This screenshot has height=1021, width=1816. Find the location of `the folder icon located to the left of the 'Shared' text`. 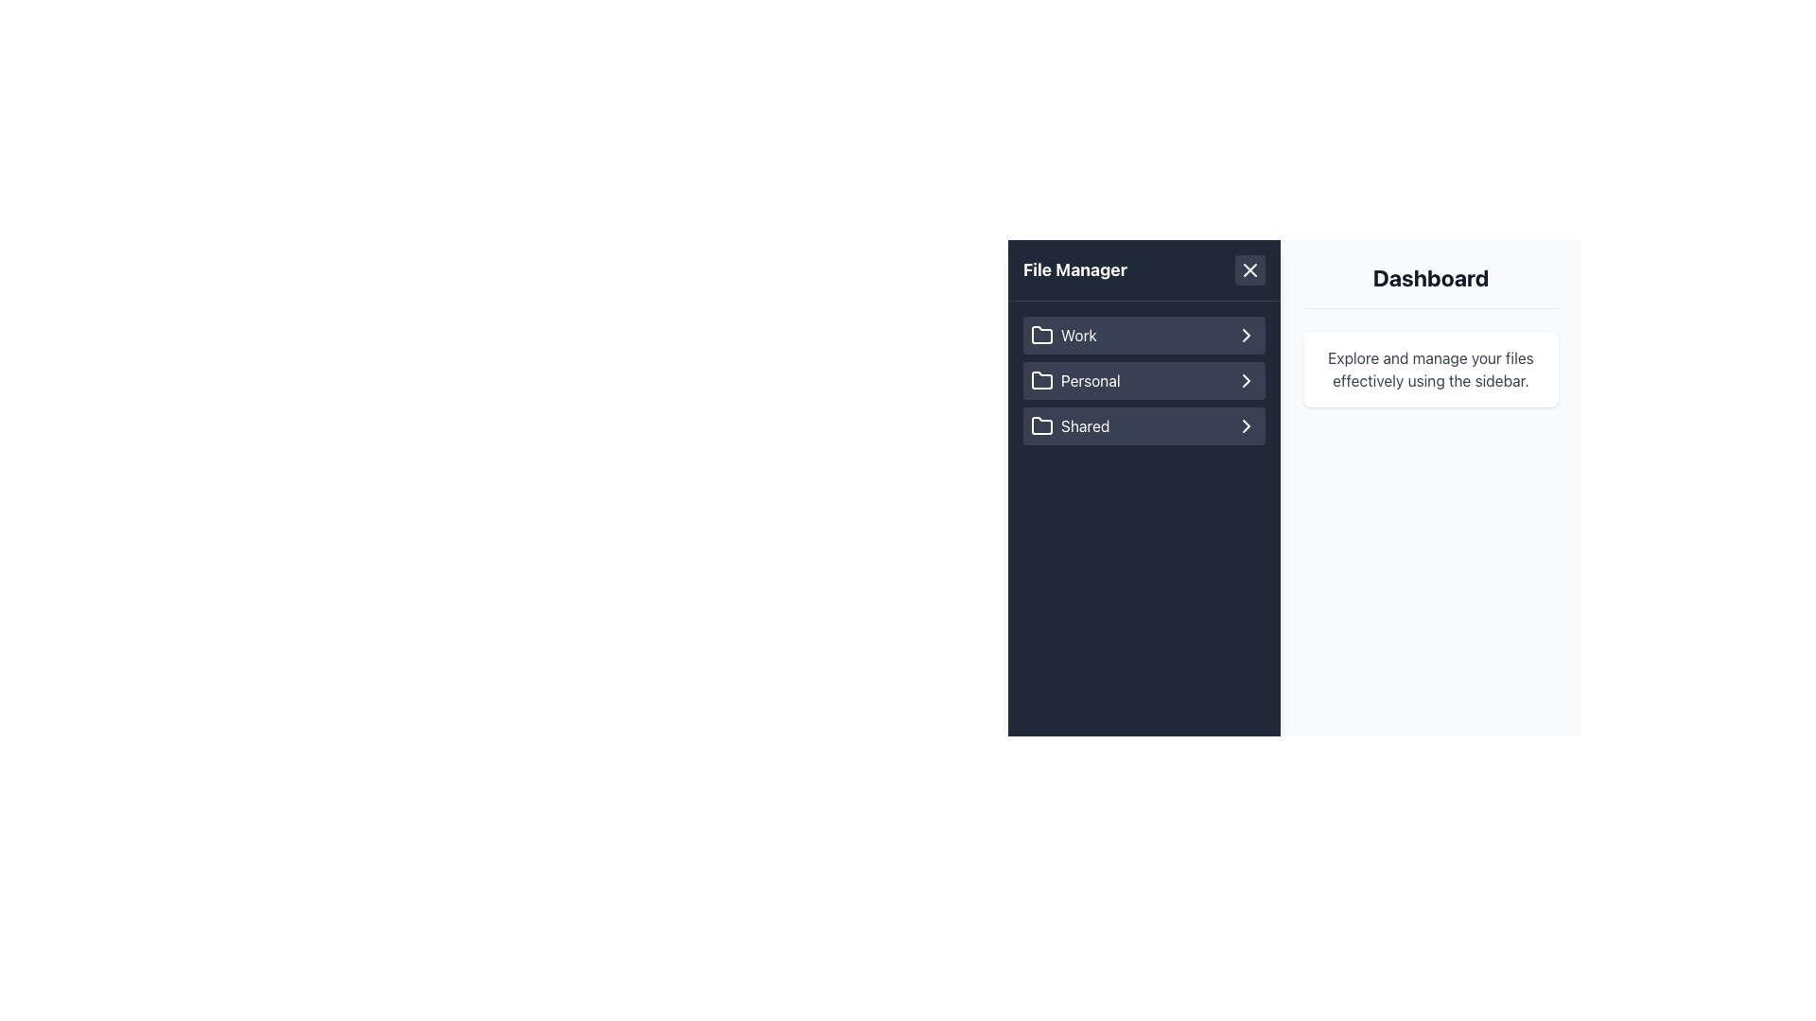

the folder icon located to the left of the 'Shared' text is located at coordinates (1041, 425).